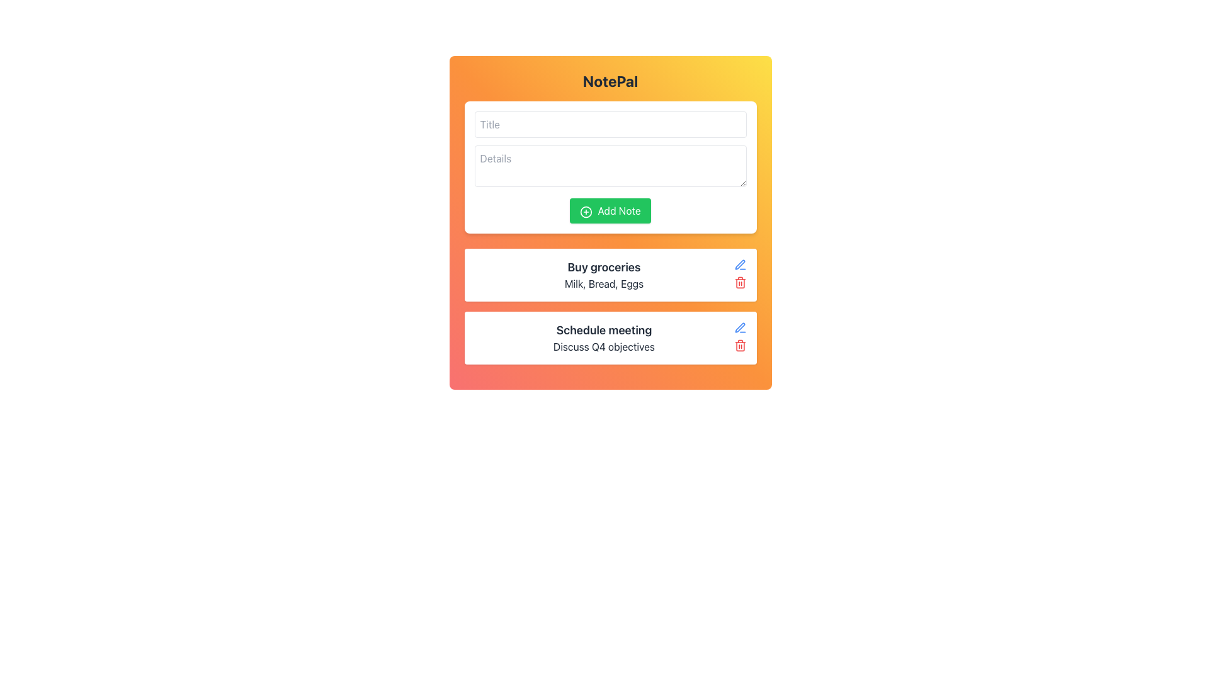 The width and height of the screenshot is (1209, 680). Describe the element at coordinates (603, 284) in the screenshot. I see `the text element that contains the phrase 'Milk, Bread, Eggs', which is displayed below the bolded title 'Buy groceries' in a note-taking interface` at that location.